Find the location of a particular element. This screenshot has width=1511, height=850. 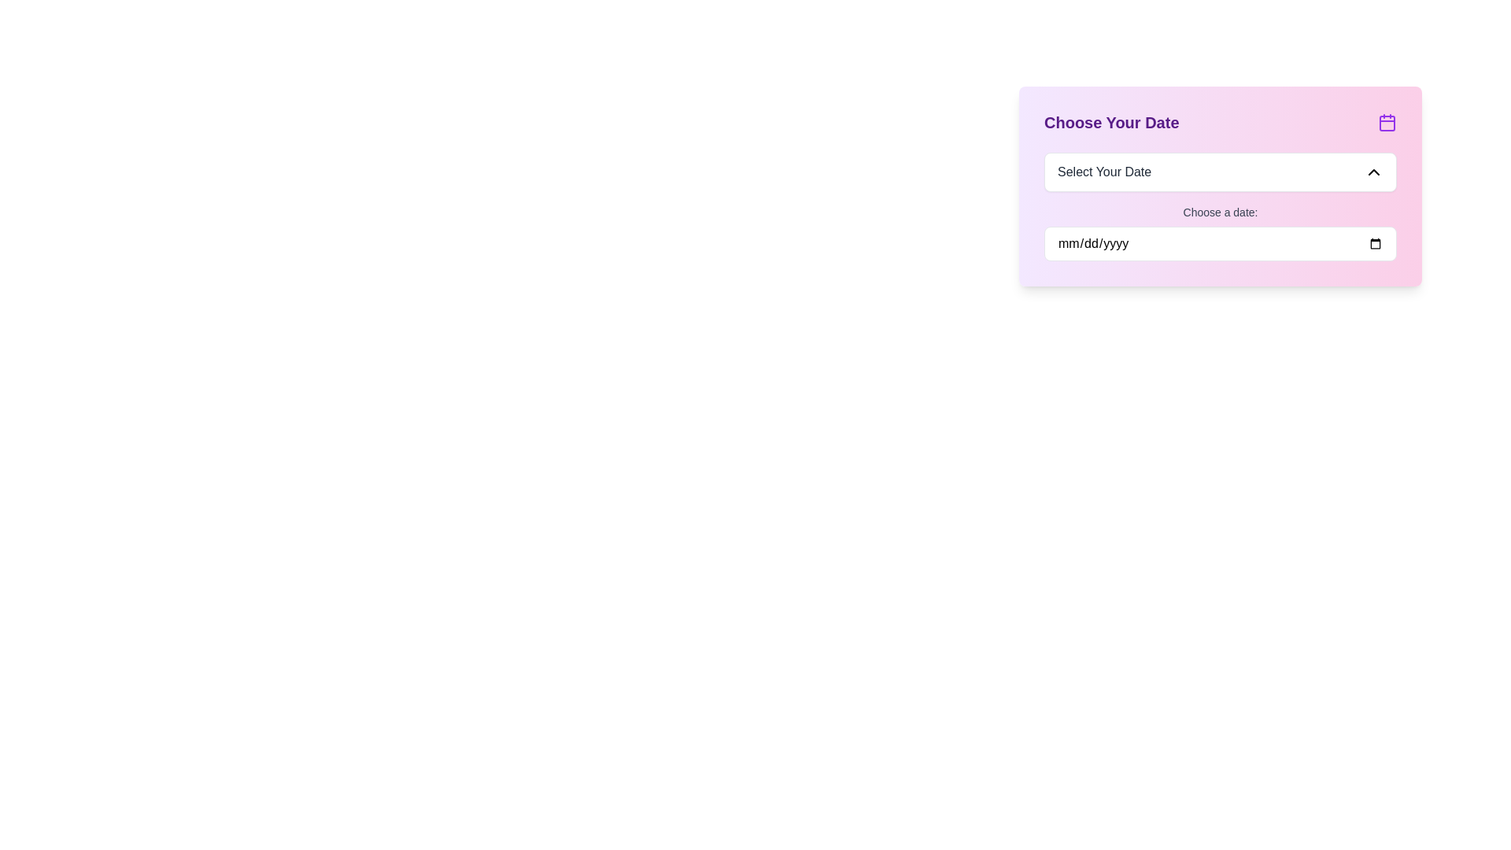

the upward-pointing chevron-shaped arrow icon located within the 'Select Your Date' section is located at coordinates (1373, 172).